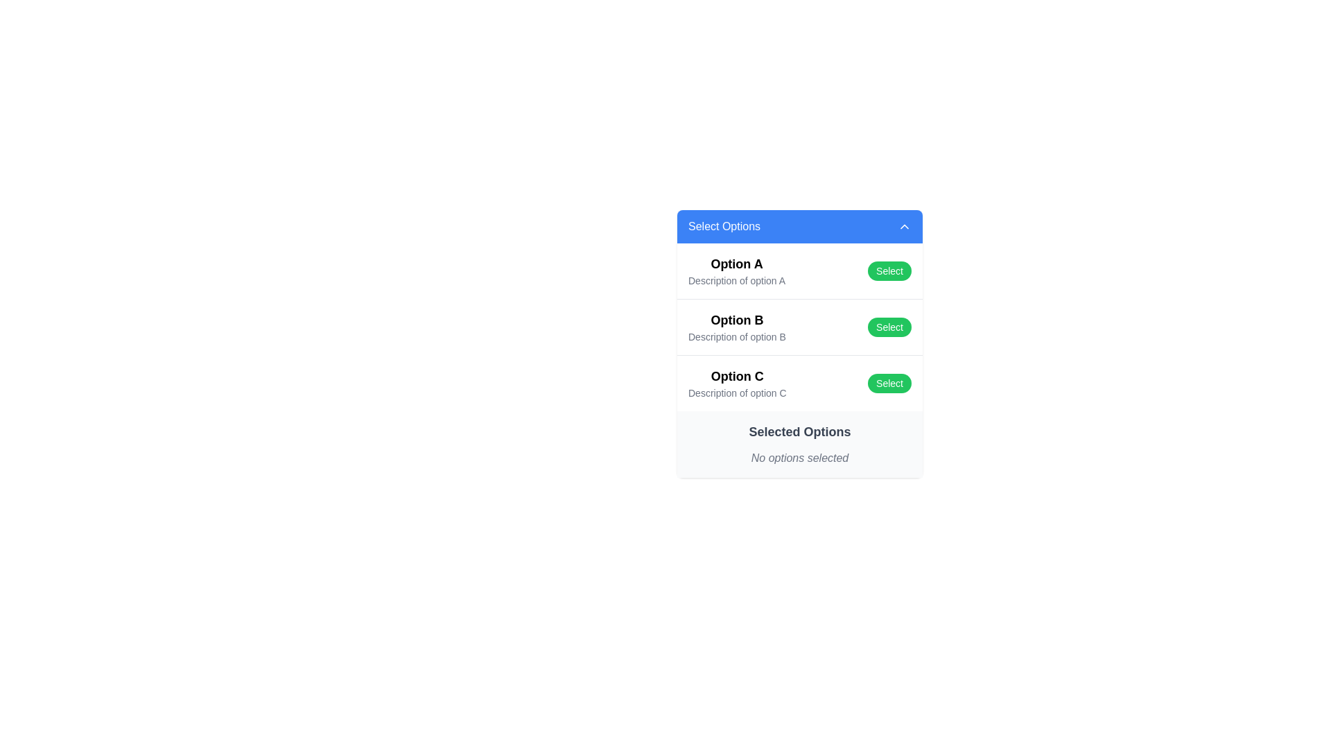 The image size is (1331, 749). I want to click on the 'Select' button on the list item labeled 'Option B' to choose this option, so click(799, 343).